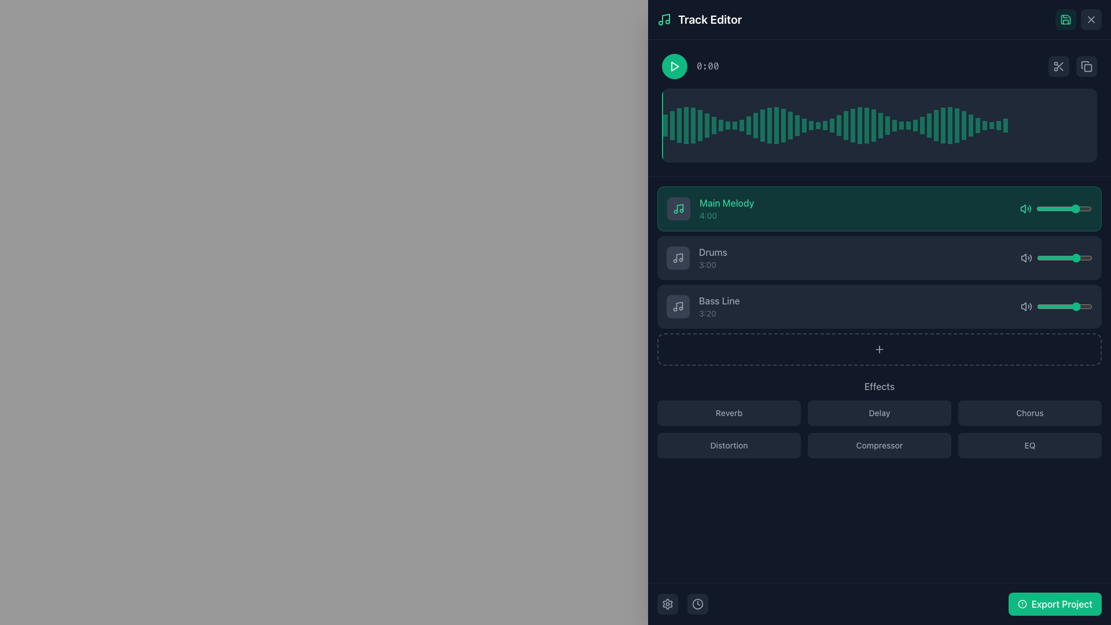 The height and width of the screenshot is (625, 1111). What do you see at coordinates (880, 125) in the screenshot?
I see `the 31st vertical bar in the waveform visualization, which is styled with a translucent emerald green color and is located in the upper part of the Track Editor` at bounding box center [880, 125].